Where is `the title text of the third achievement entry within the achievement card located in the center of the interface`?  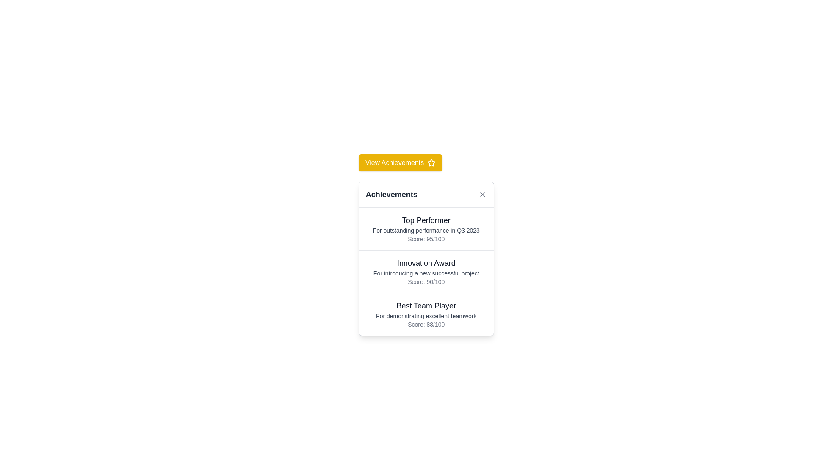
the title text of the third achievement entry within the achievement card located in the center of the interface is located at coordinates (426, 306).